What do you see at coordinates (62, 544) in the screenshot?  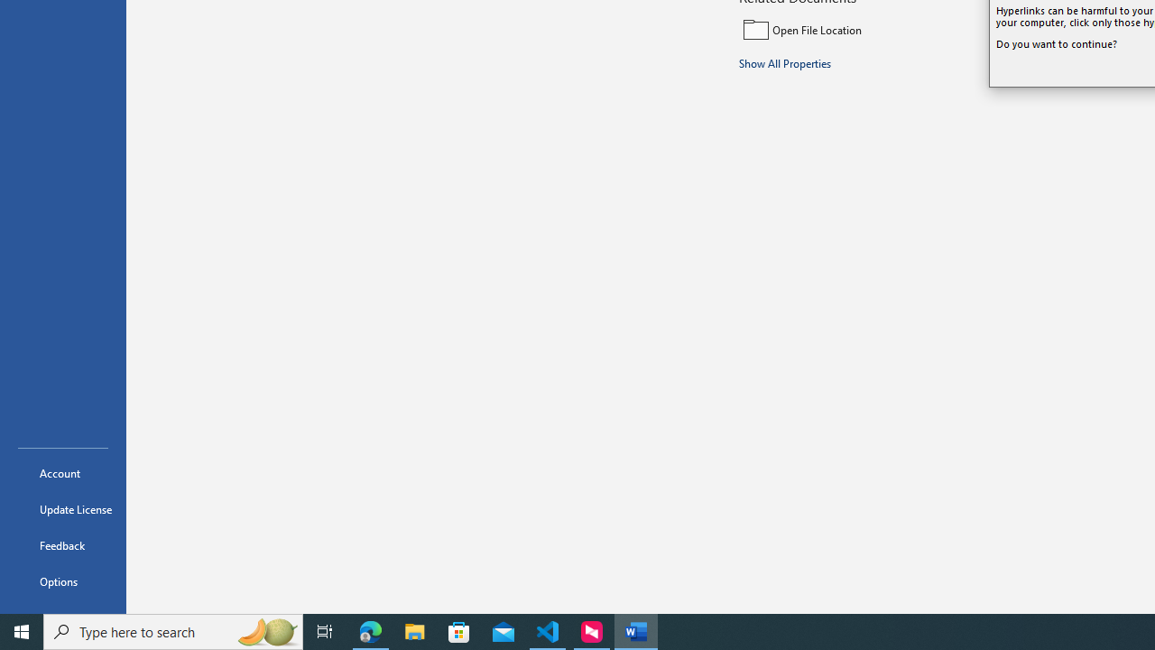 I see `'Feedback'` at bounding box center [62, 544].